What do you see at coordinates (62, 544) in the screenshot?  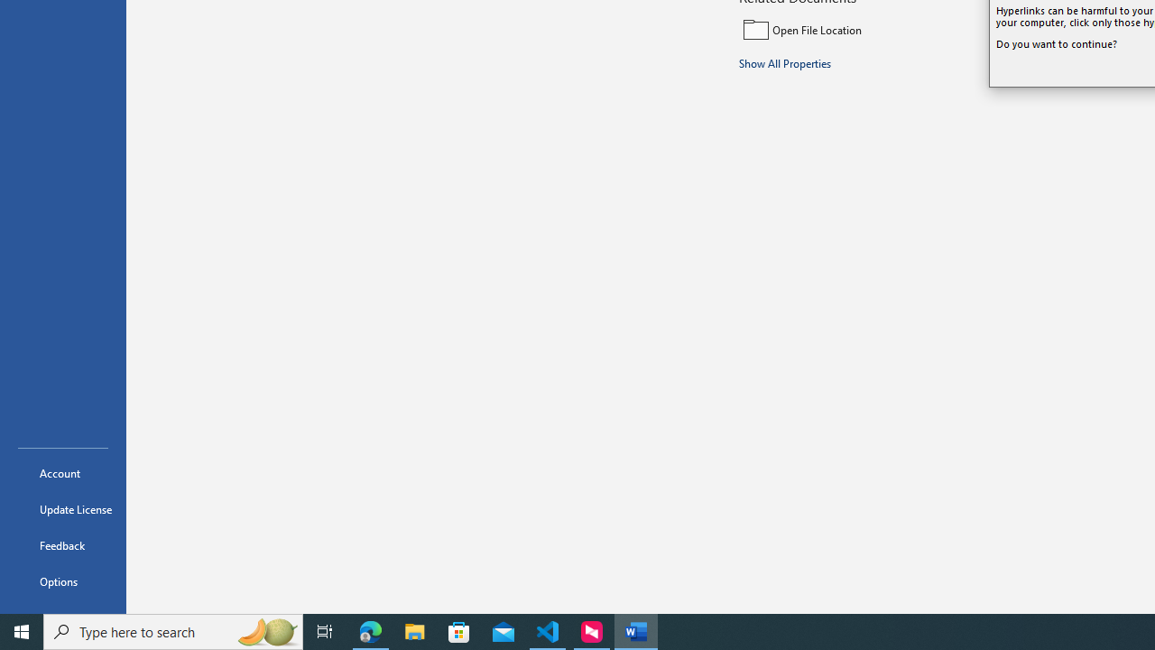 I see `'Feedback'` at bounding box center [62, 544].